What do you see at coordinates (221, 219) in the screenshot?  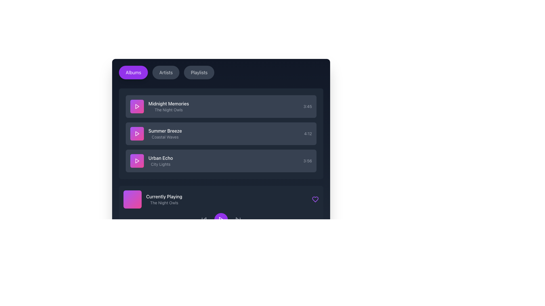 I see `the circular purple button with a white play icon at the bottom center of the interface to observe hover effects` at bounding box center [221, 219].